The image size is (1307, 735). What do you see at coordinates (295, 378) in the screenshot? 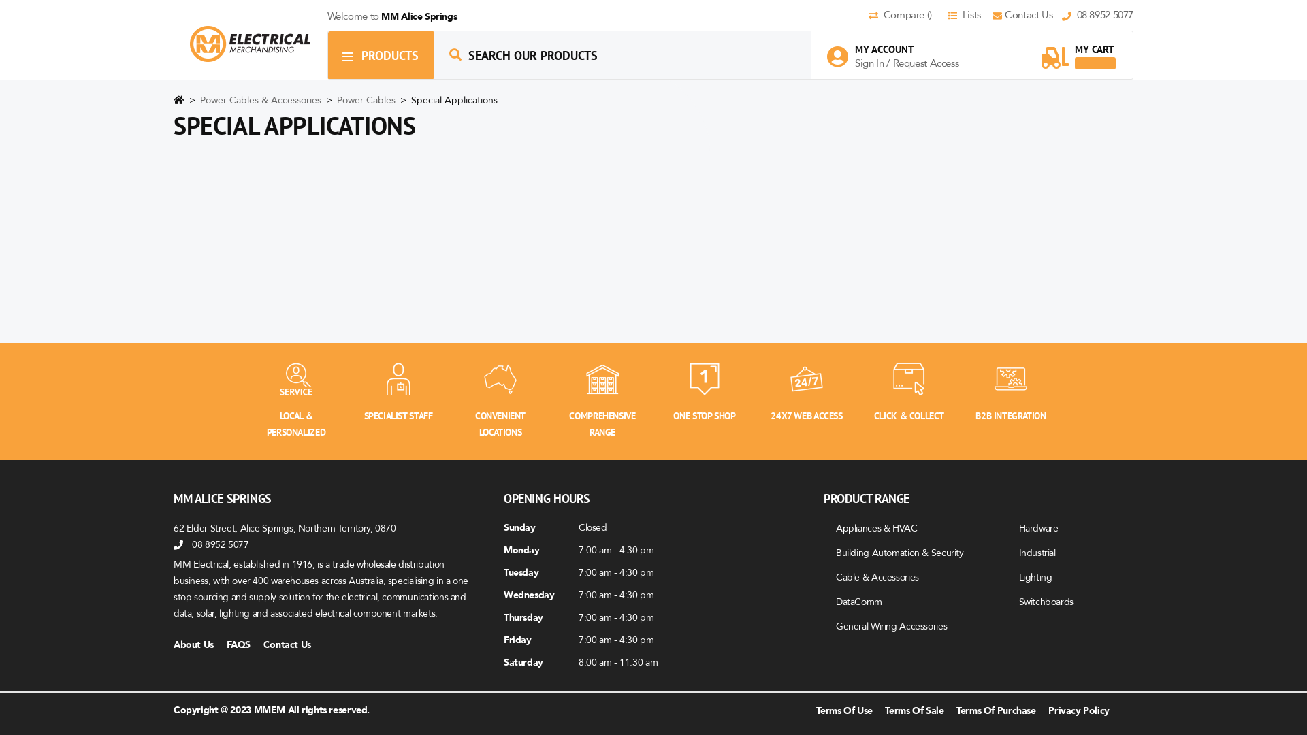
I see `'Local & Personalized'` at bounding box center [295, 378].